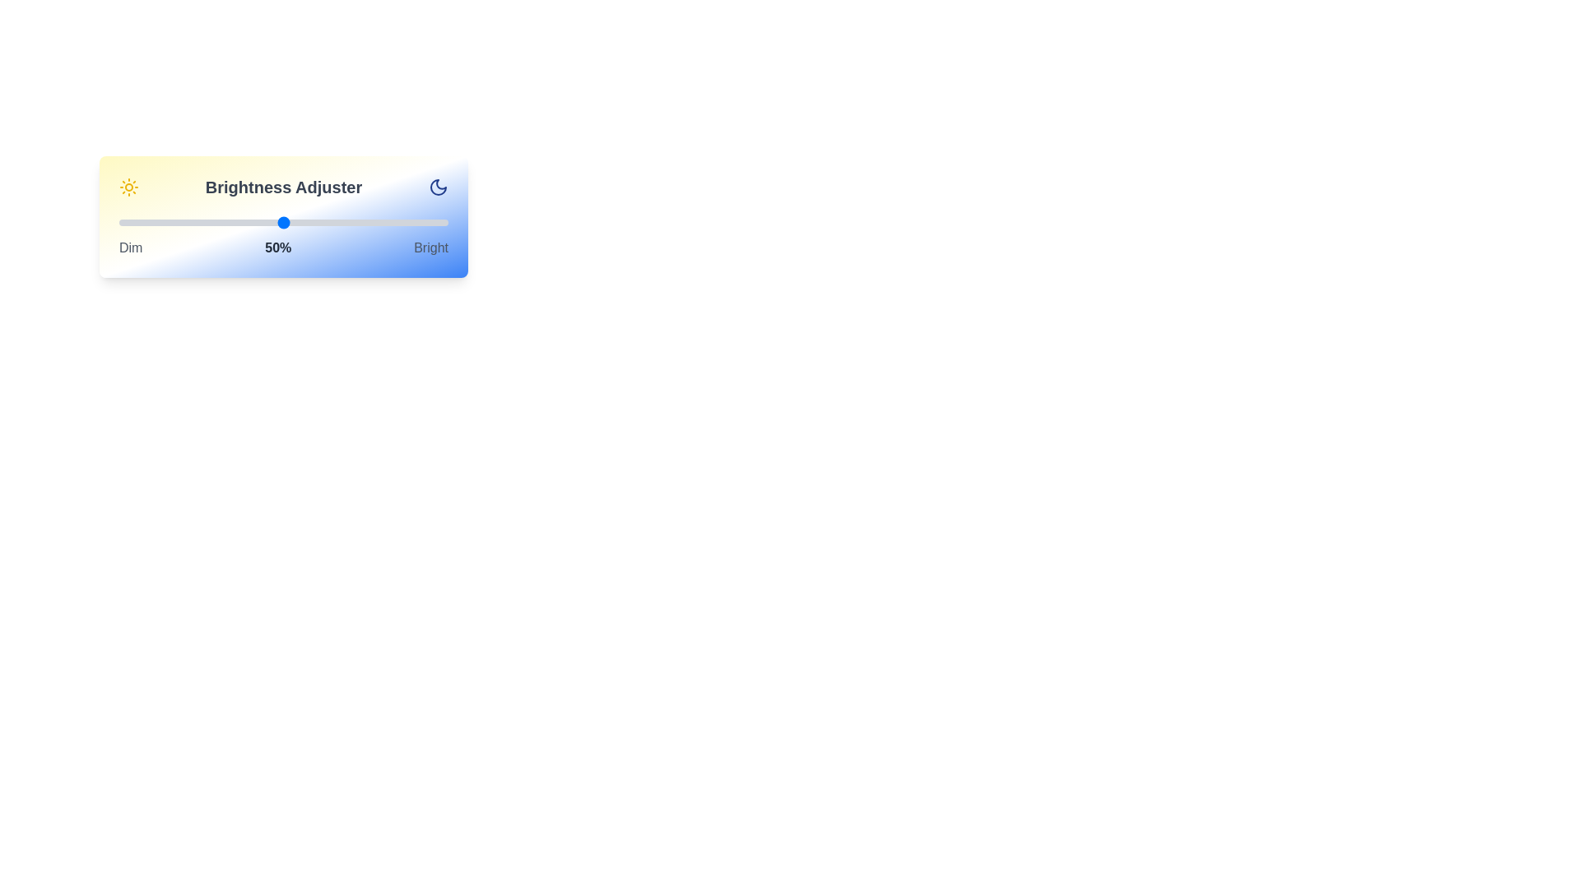 Image resolution: width=1580 pixels, height=888 pixels. What do you see at coordinates (158, 222) in the screenshot?
I see `the brightness slider to 12% to observe the gradient background changes` at bounding box center [158, 222].